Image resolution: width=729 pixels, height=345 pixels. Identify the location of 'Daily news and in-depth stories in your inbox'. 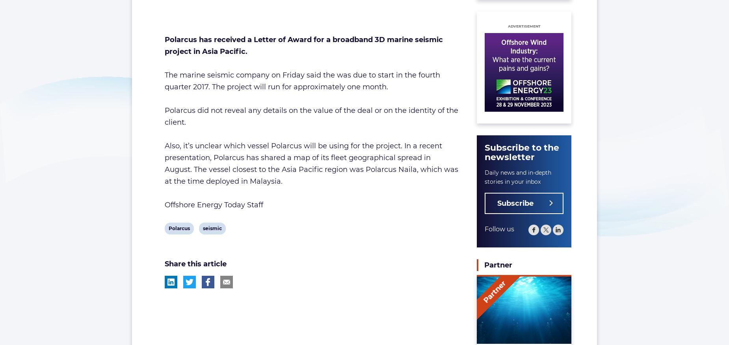
(517, 177).